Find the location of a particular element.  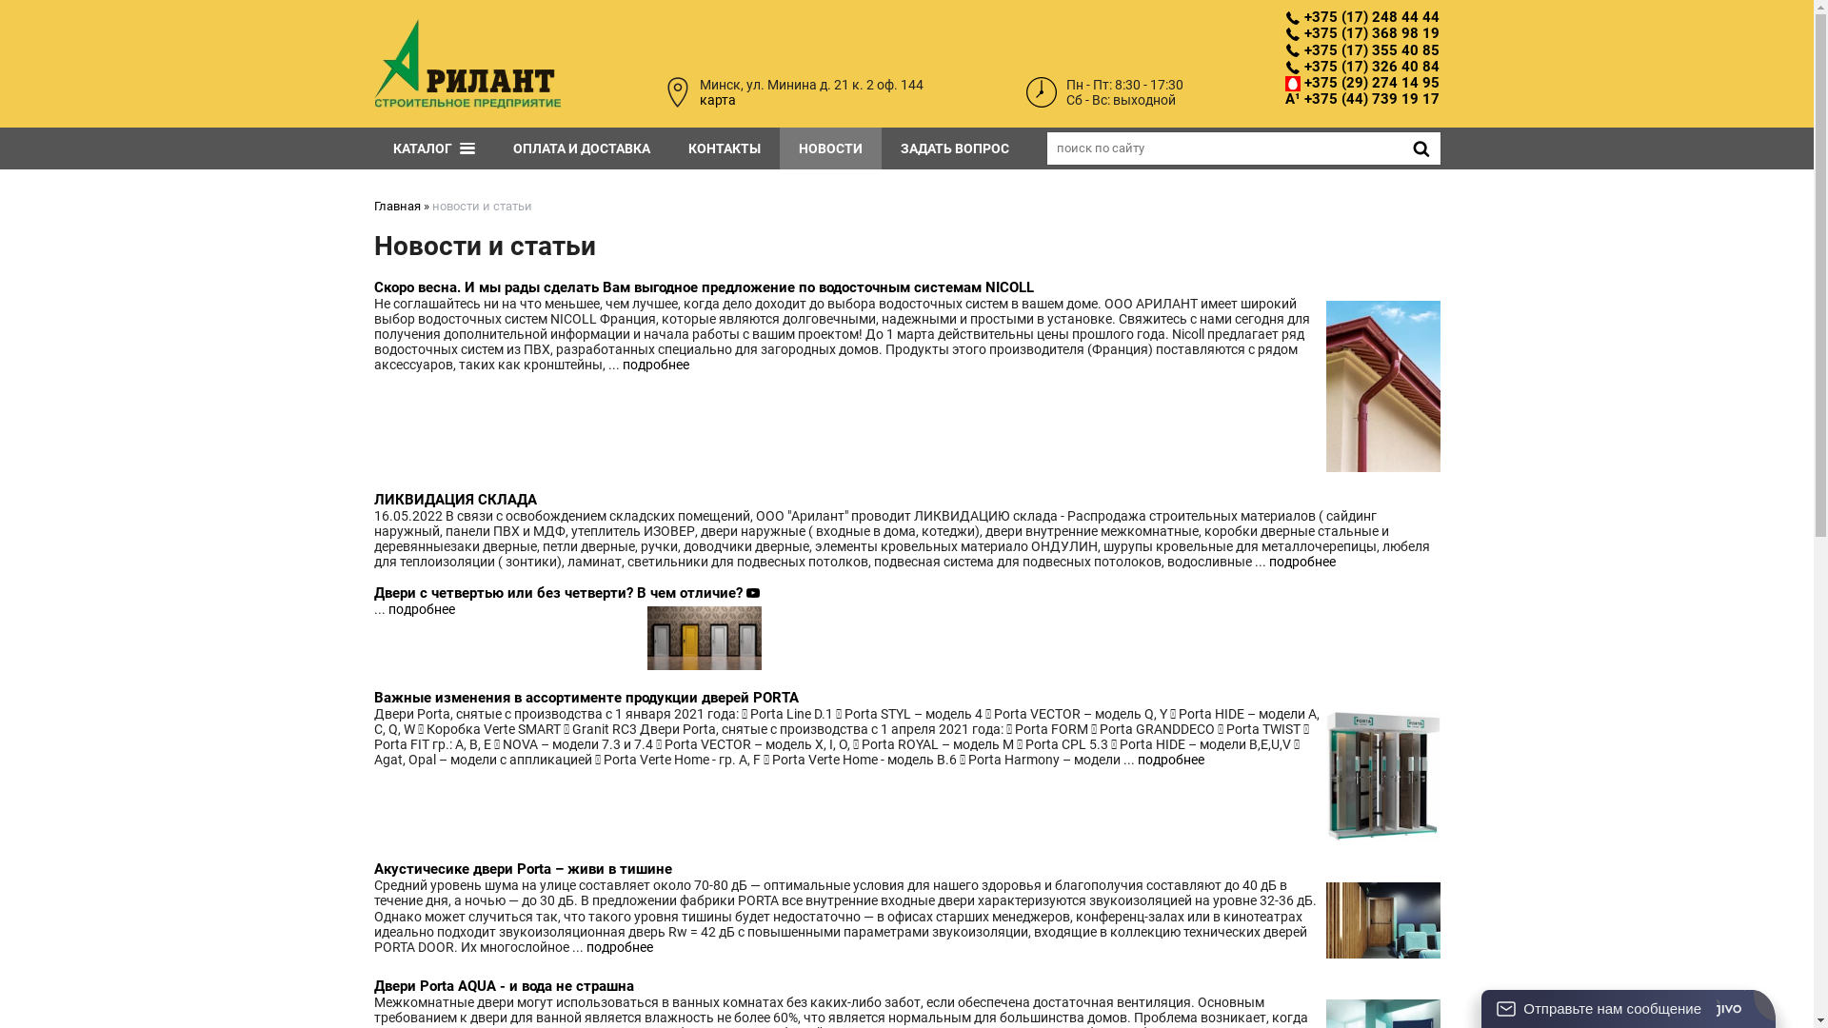

'+375 (17) 326 40 84' is located at coordinates (1361, 66).